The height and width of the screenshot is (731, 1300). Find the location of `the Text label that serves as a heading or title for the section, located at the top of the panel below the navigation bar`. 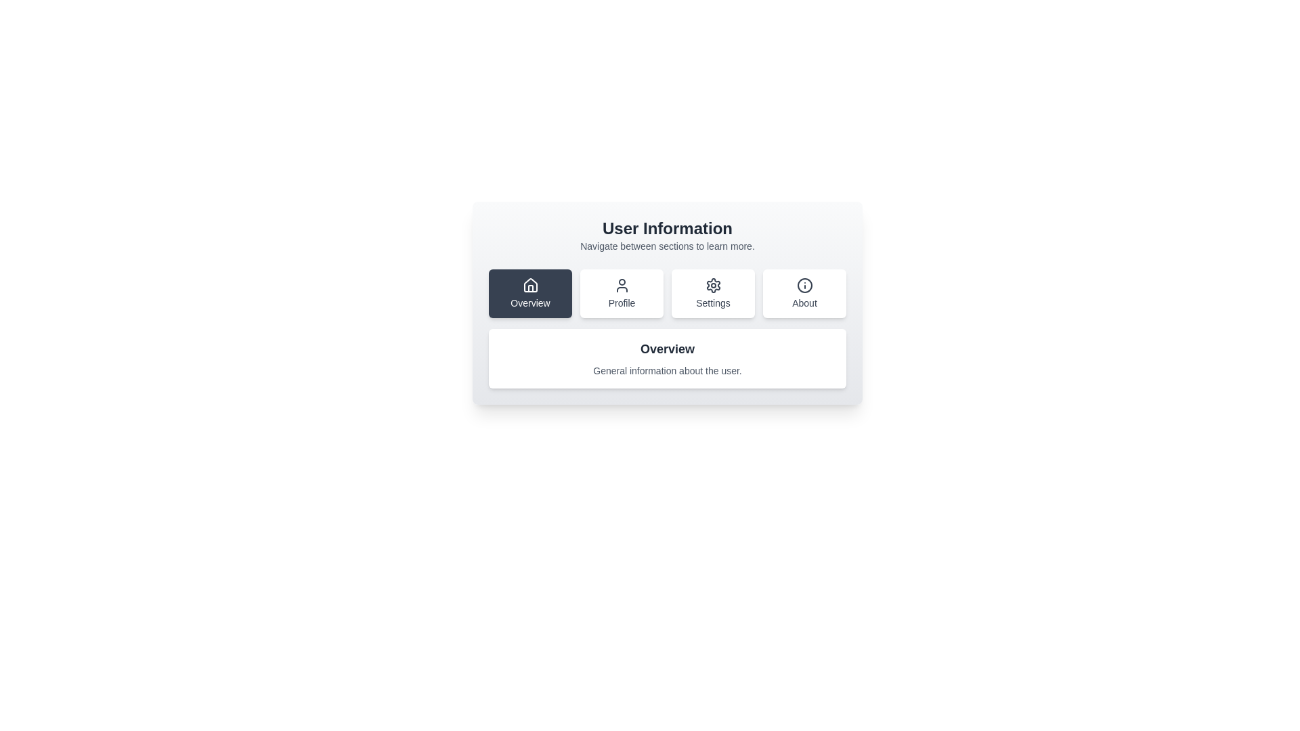

the Text label that serves as a heading or title for the section, located at the top of the panel below the navigation bar is located at coordinates (667, 349).